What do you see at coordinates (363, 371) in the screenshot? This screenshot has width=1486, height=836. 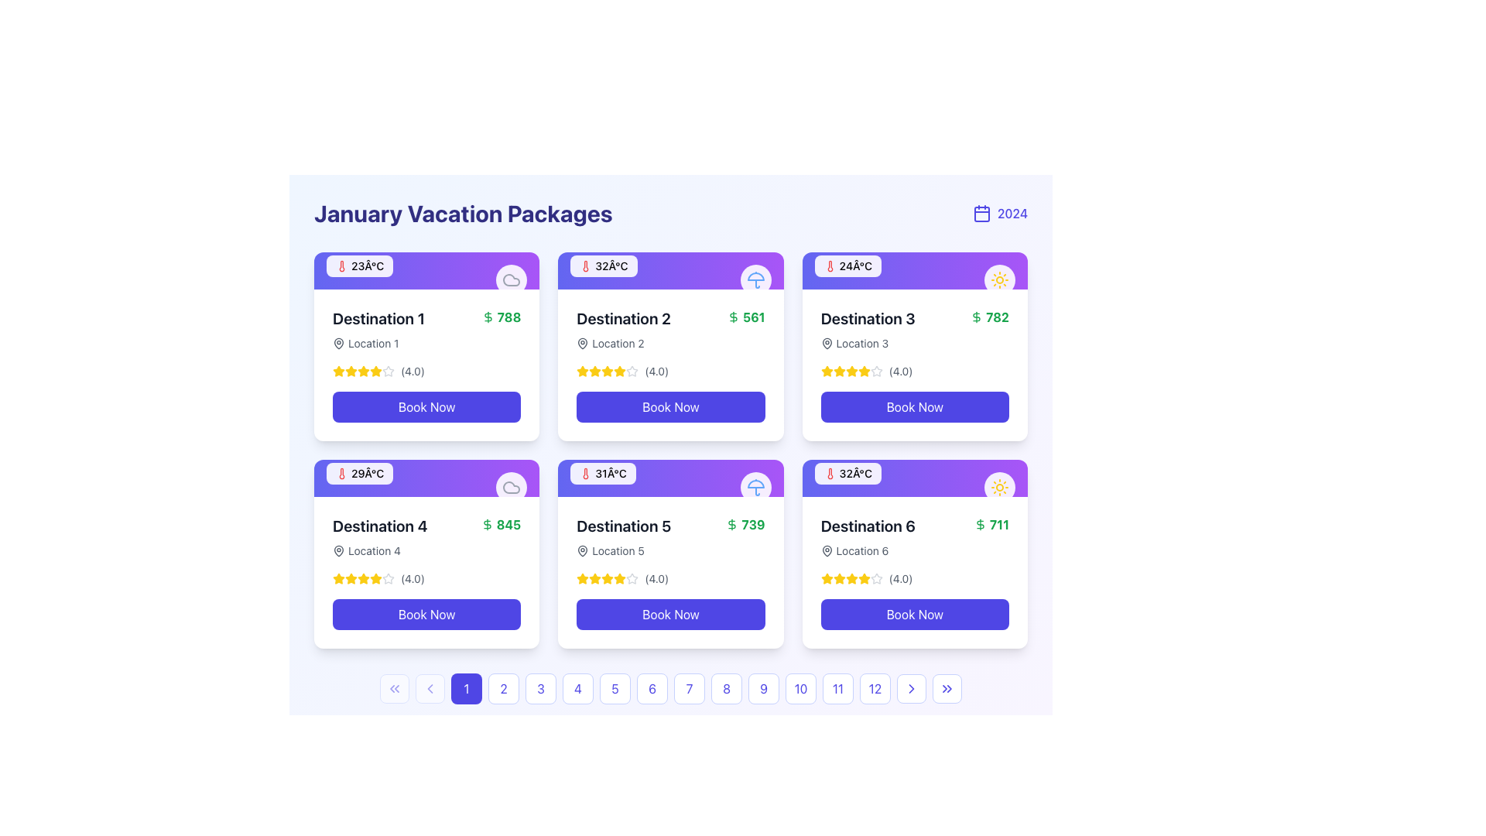 I see `the fourth yellow star icon in the rating system for 'Destination 1'` at bounding box center [363, 371].